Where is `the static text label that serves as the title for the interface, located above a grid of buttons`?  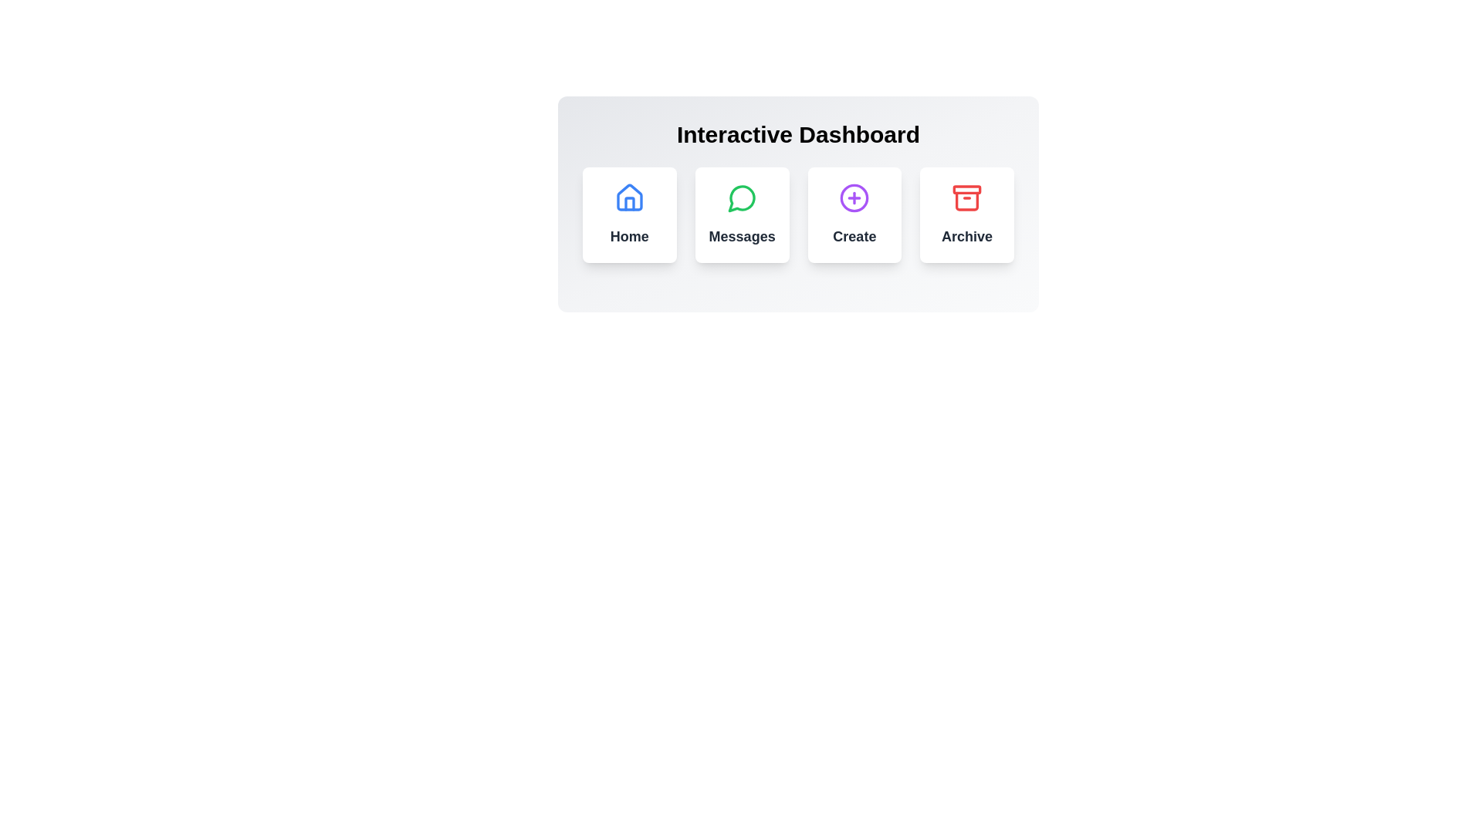 the static text label that serves as the title for the interface, located above a grid of buttons is located at coordinates (798, 133).